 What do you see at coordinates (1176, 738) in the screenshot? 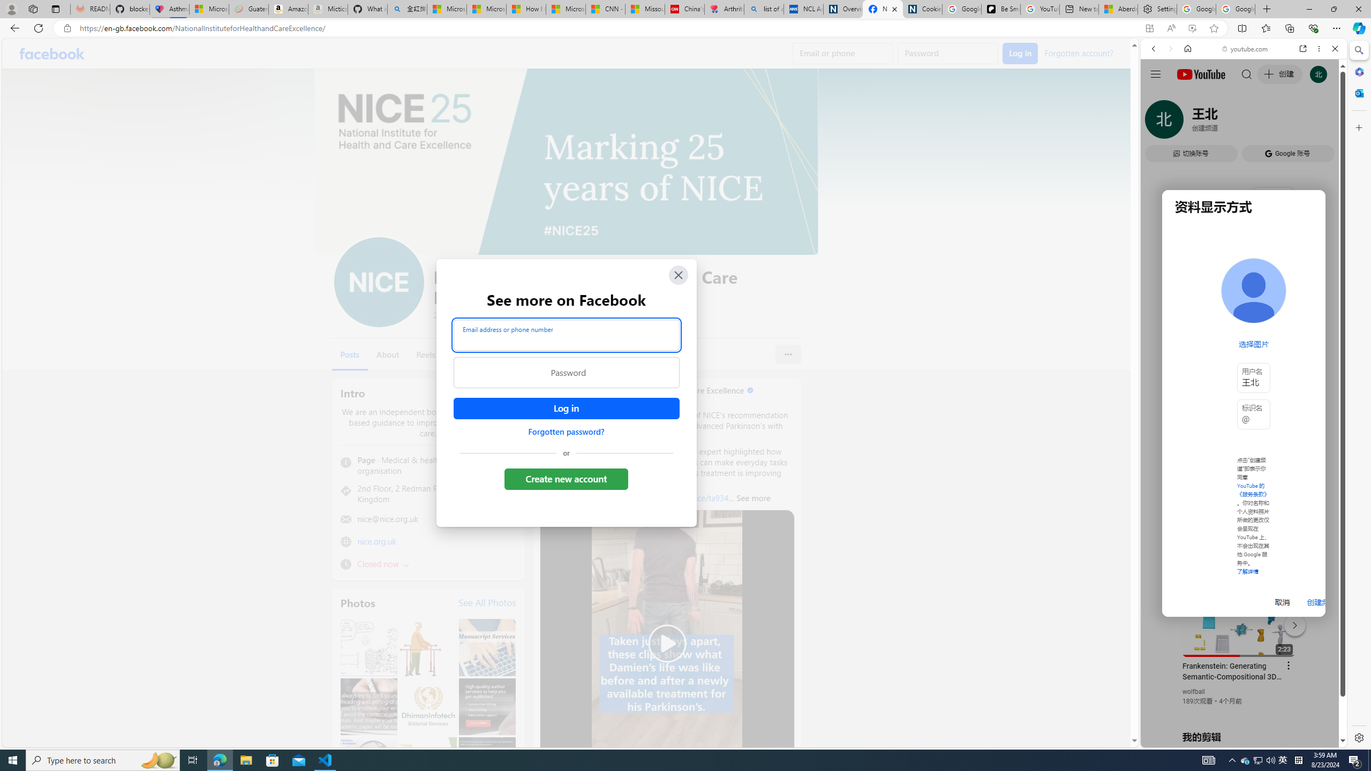
I see `'US[ju]'` at bounding box center [1176, 738].